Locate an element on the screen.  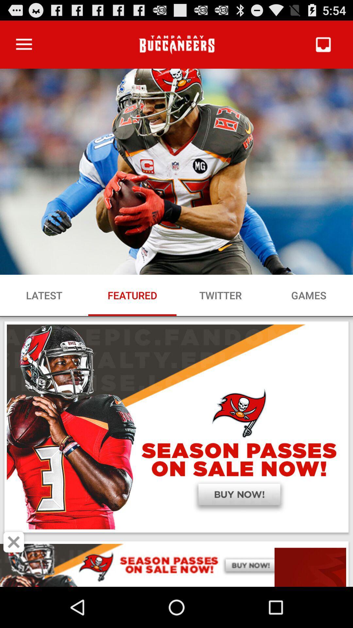
space where you access advertising is located at coordinates (176, 565).